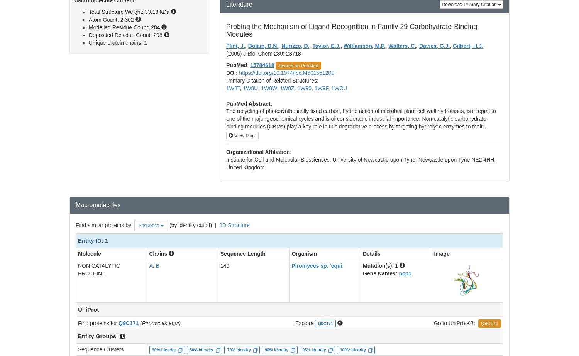 The width and height of the screenshot is (579, 356). What do you see at coordinates (101, 349) in the screenshot?
I see `'Sequence Clusters'` at bounding box center [101, 349].